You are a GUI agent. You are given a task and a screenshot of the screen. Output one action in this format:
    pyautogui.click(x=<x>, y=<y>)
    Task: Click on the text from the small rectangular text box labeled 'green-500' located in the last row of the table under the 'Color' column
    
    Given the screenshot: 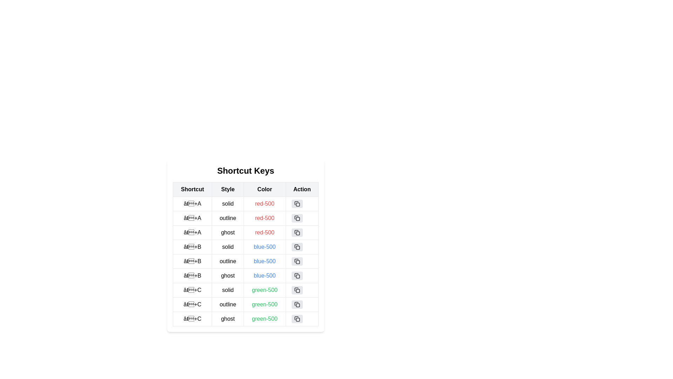 What is the action you would take?
    pyautogui.click(x=264, y=319)
    